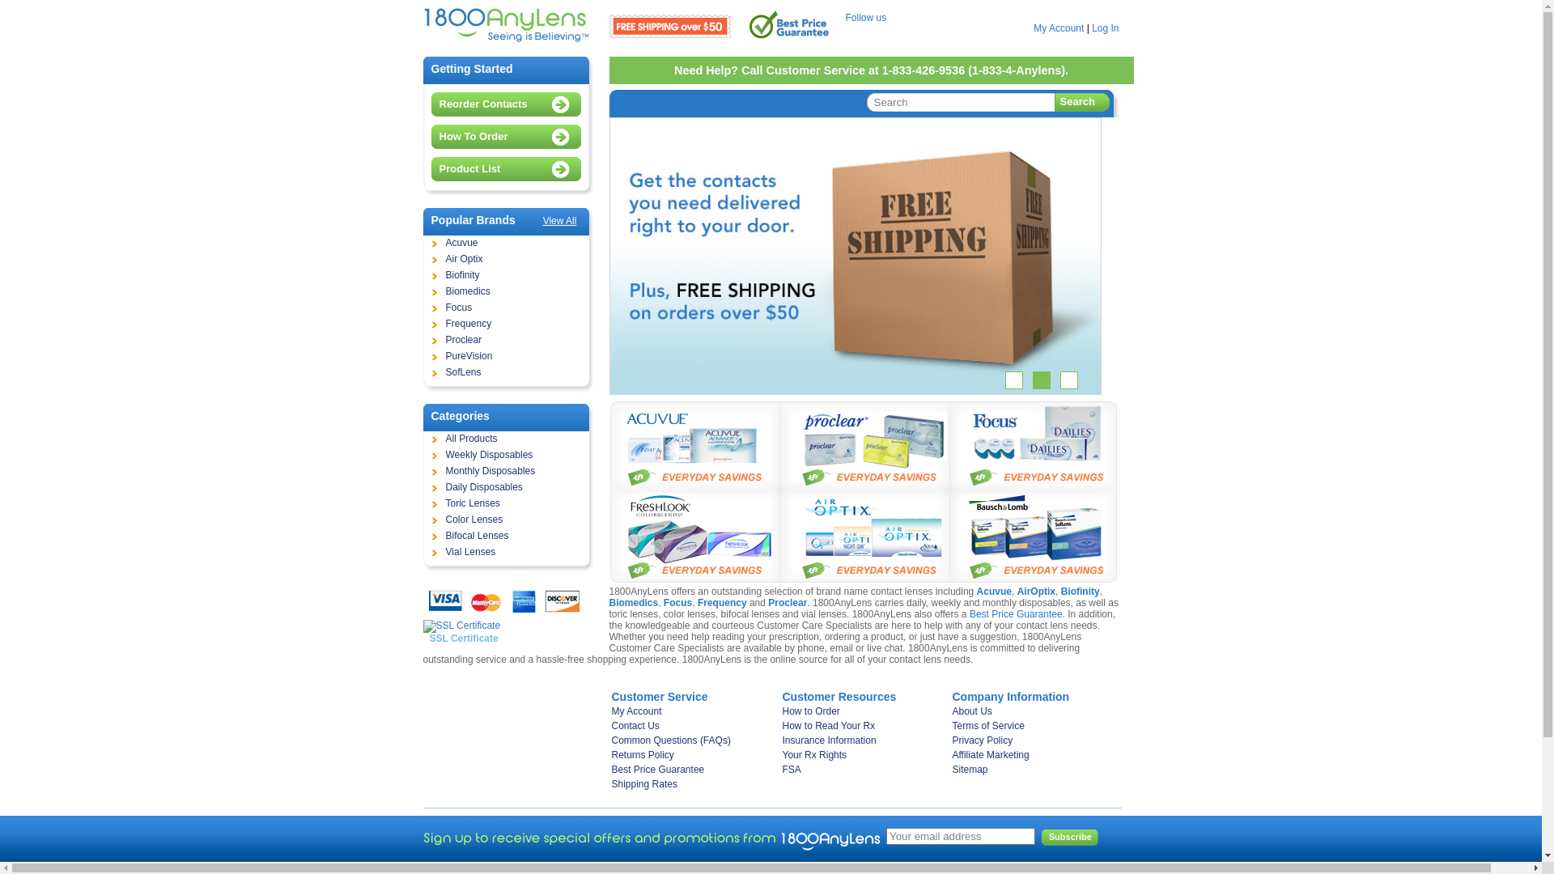 The height and width of the screenshot is (874, 1554). Describe the element at coordinates (1030, 740) in the screenshot. I see `'Privacy Policy'` at that location.